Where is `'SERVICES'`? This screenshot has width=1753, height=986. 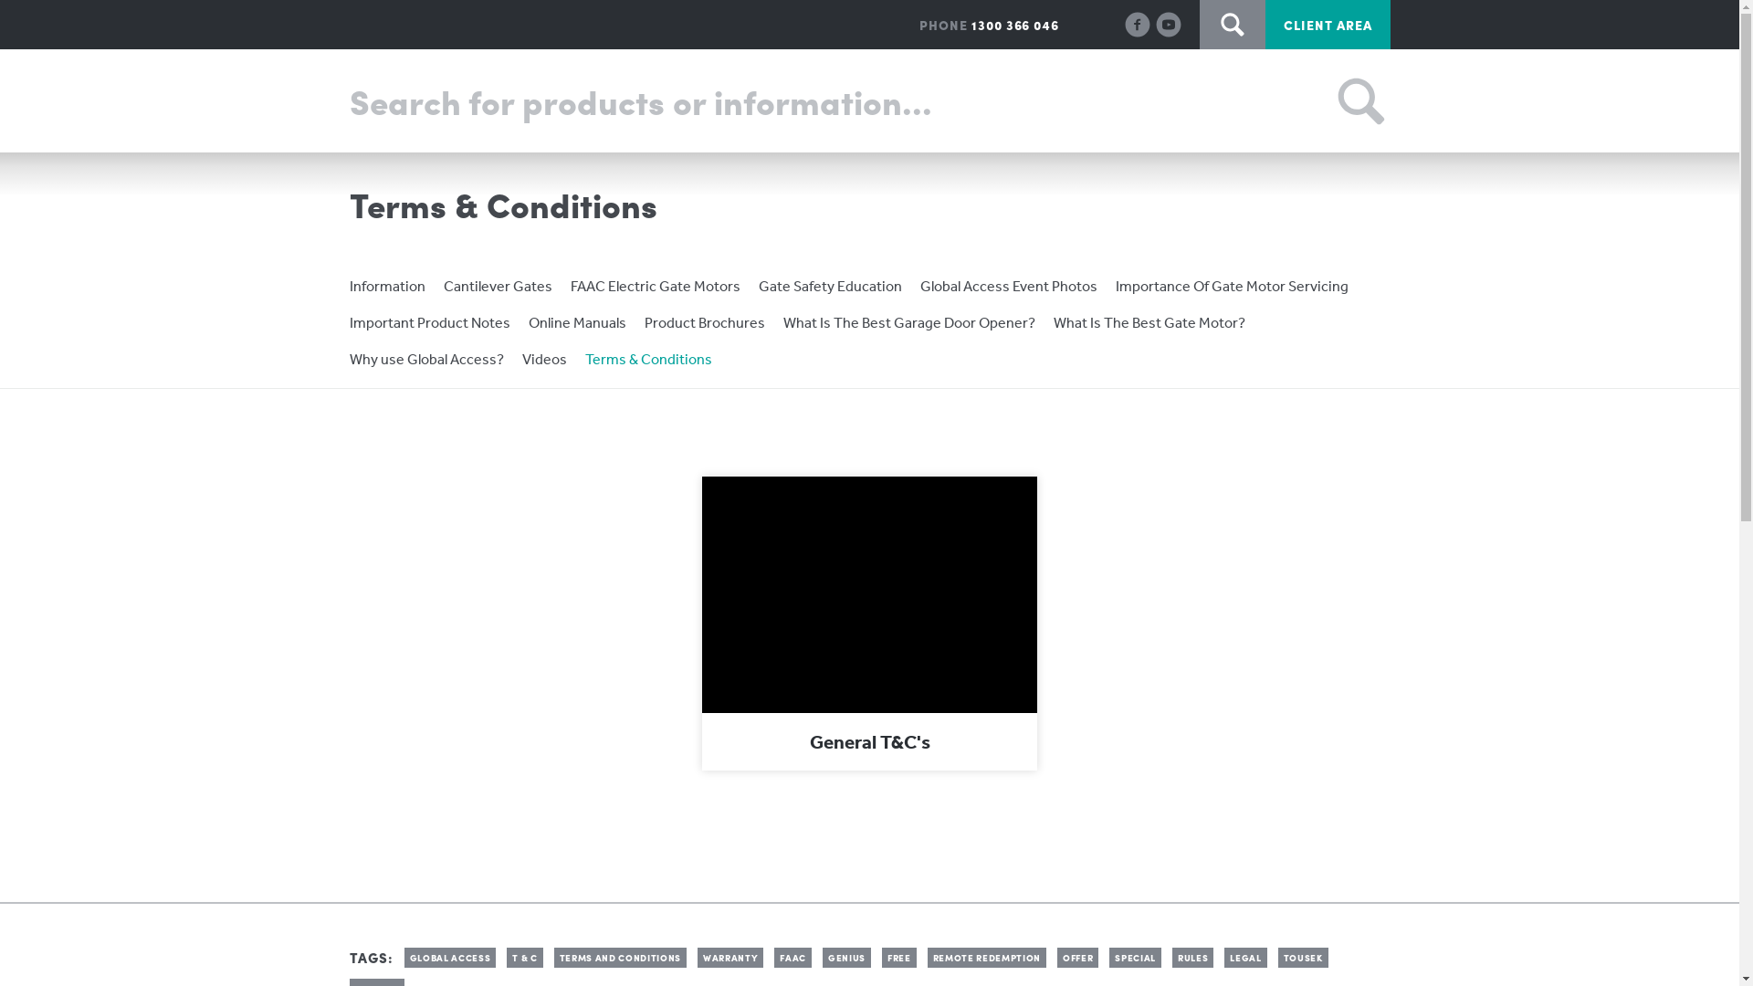 'SERVICES' is located at coordinates (972, 101).